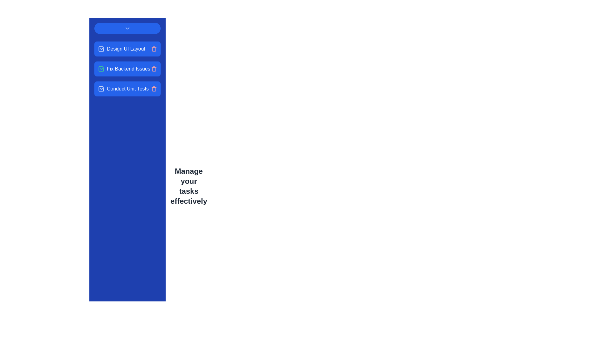  I want to click on the text label displaying 'Conduct Unit Tests', so click(127, 89).